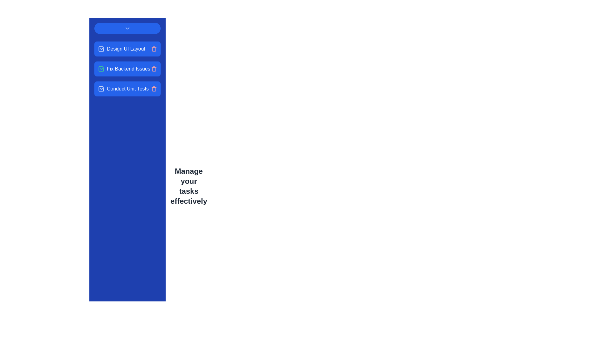  I want to click on the text label displaying 'Conduct Unit Tests', so click(127, 89).